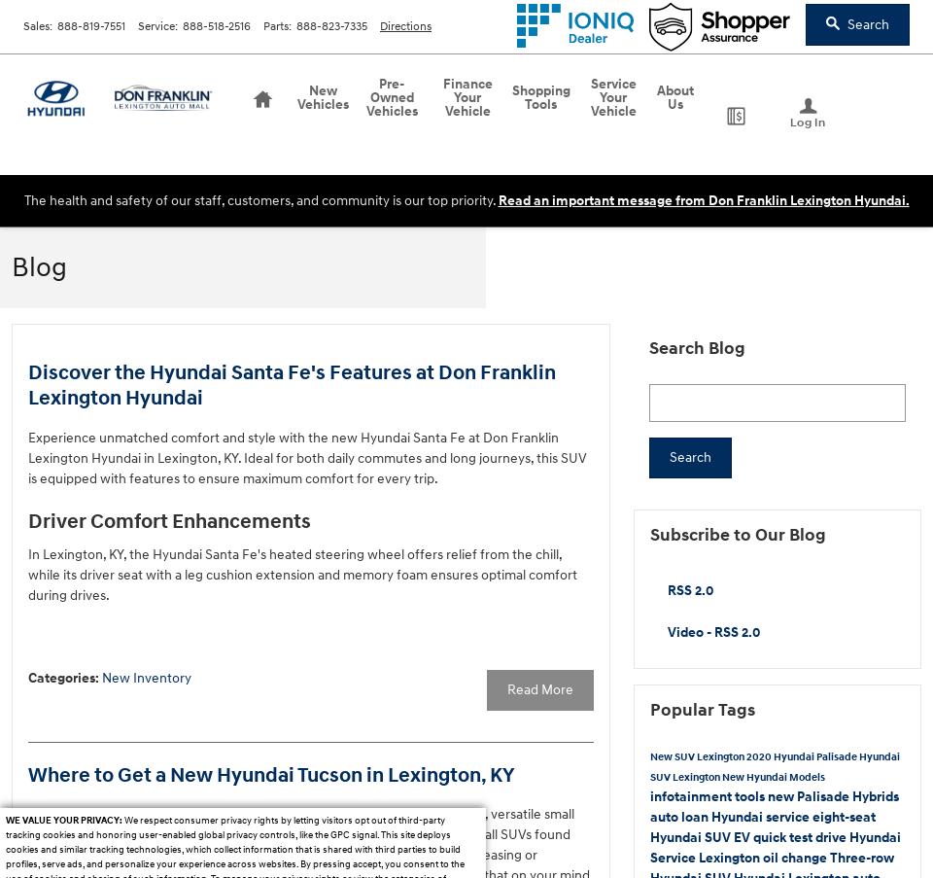 This screenshot has width=933, height=878. What do you see at coordinates (680, 815) in the screenshot?
I see `'auto loan'` at bounding box center [680, 815].